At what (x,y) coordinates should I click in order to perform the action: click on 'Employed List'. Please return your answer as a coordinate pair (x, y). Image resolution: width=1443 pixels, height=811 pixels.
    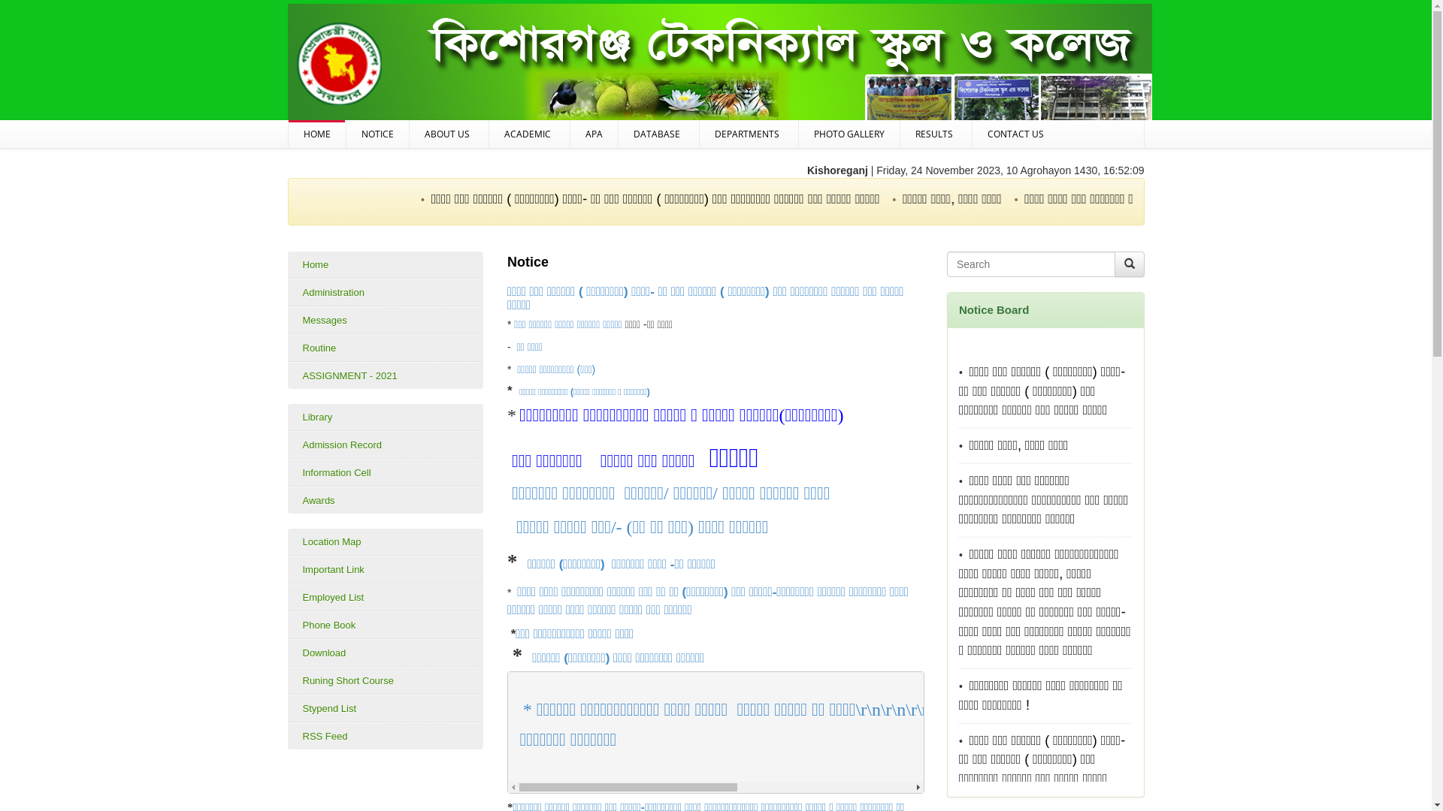
    Looking at the image, I should click on (385, 596).